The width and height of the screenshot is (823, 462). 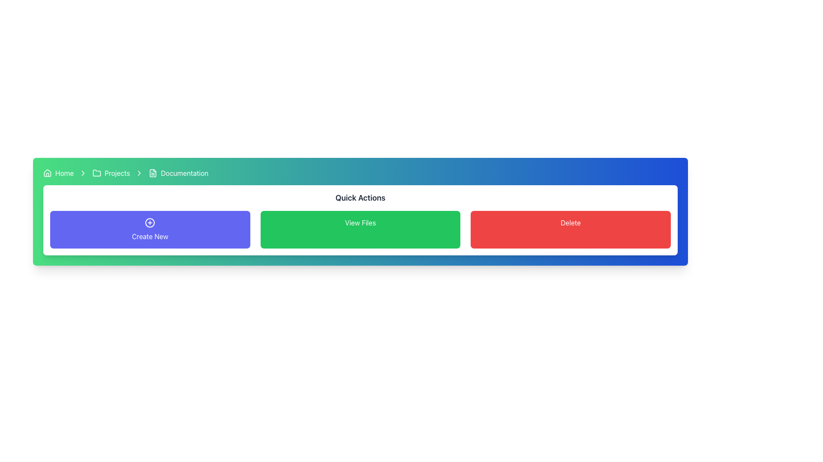 What do you see at coordinates (150, 222) in the screenshot?
I see `the circular 'Create New' icon` at bounding box center [150, 222].